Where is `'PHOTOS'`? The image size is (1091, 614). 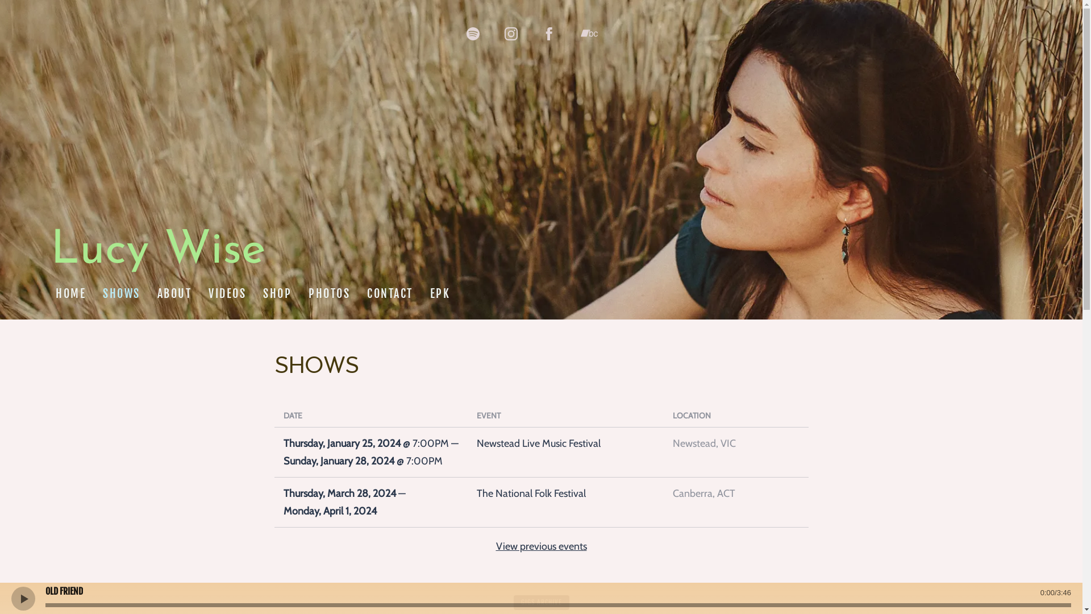 'PHOTOS' is located at coordinates (328, 293).